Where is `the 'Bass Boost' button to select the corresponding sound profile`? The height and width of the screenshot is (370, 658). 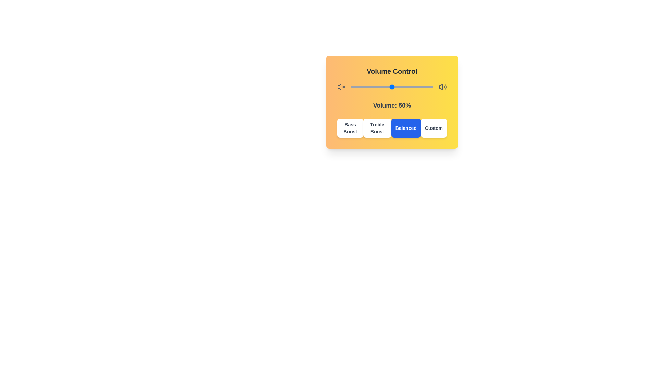
the 'Bass Boost' button to select the corresponding sound profile is located at coordinates (350, 128).